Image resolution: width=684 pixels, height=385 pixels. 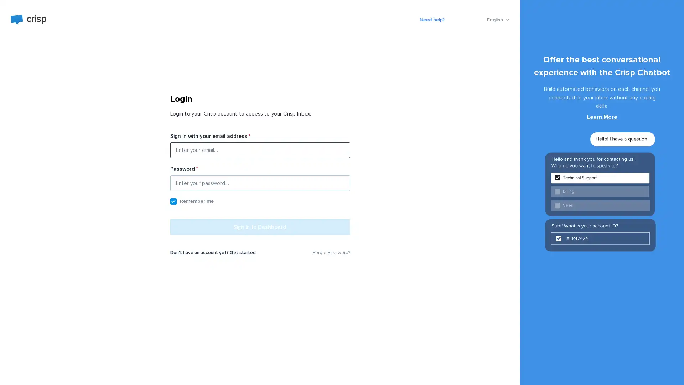 What do you see at coordinates (259, 230) in the screenshot?
I see `Sign in to Dashboard` at bounding box center [259, 230].